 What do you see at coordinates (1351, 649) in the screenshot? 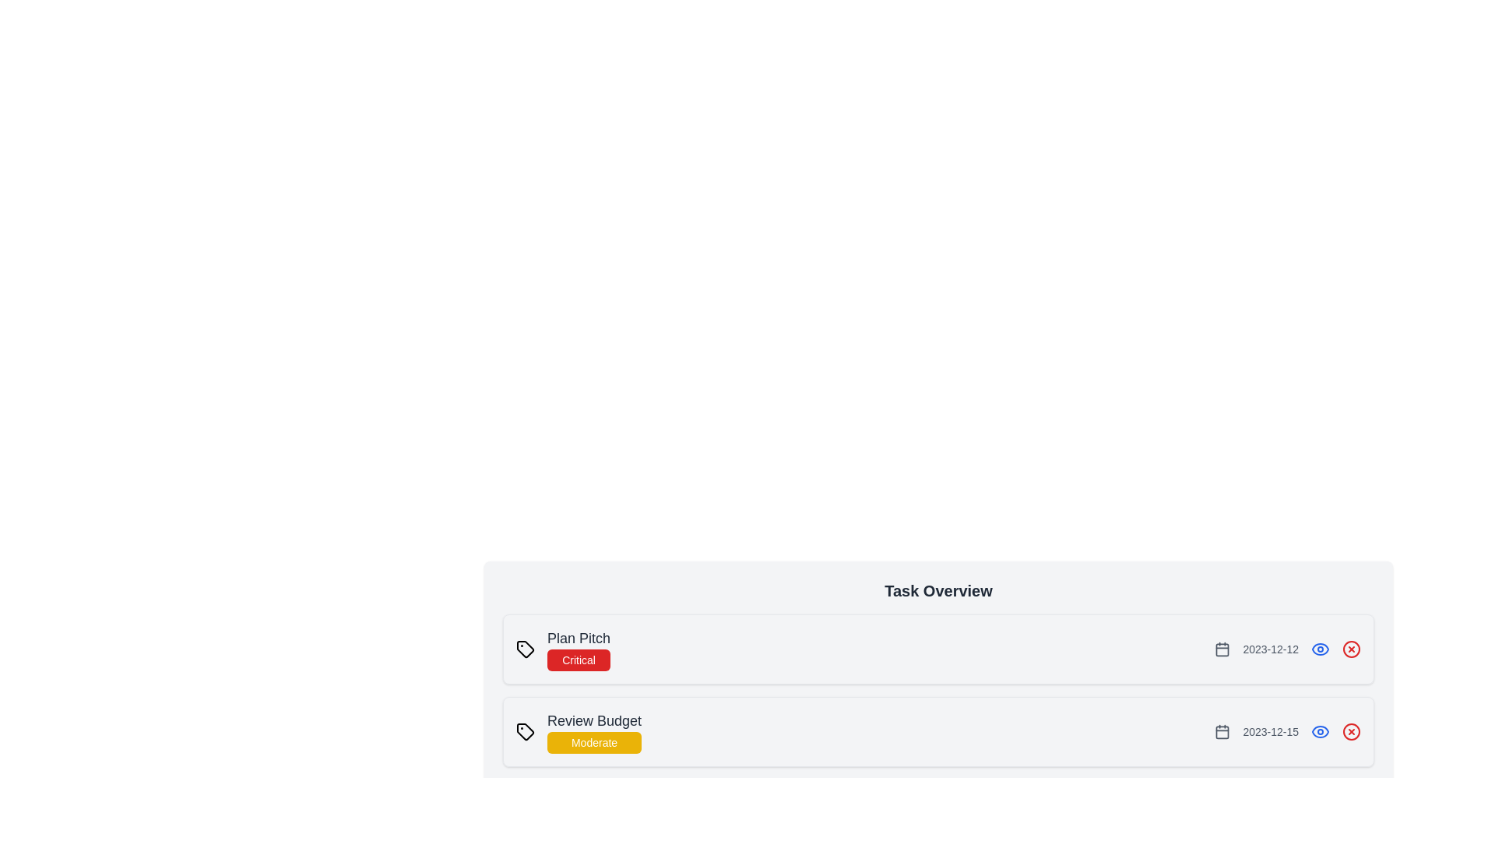
I see `the X icon of the task with the name Plan Pitch` at bounding box center [1351, 649].